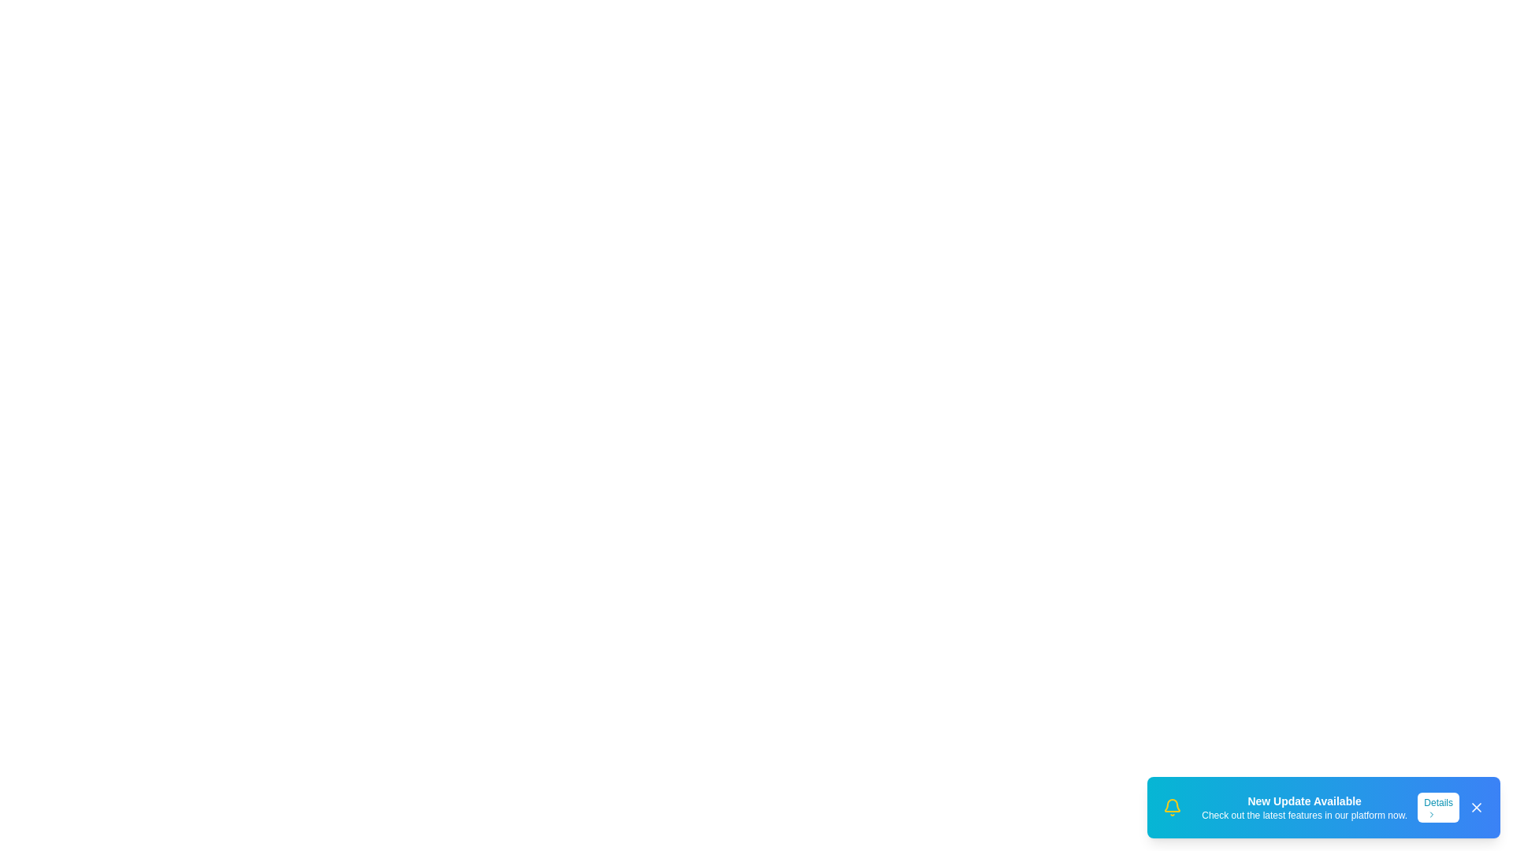  What do you see at coordinates (1173, 808) in the screenshot?
I see `the 'Bell' icon to interact with it` at bounding box center [1173, 808].